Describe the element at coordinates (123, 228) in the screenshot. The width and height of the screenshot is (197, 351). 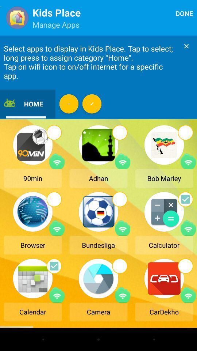
I see `wireless` at that location.